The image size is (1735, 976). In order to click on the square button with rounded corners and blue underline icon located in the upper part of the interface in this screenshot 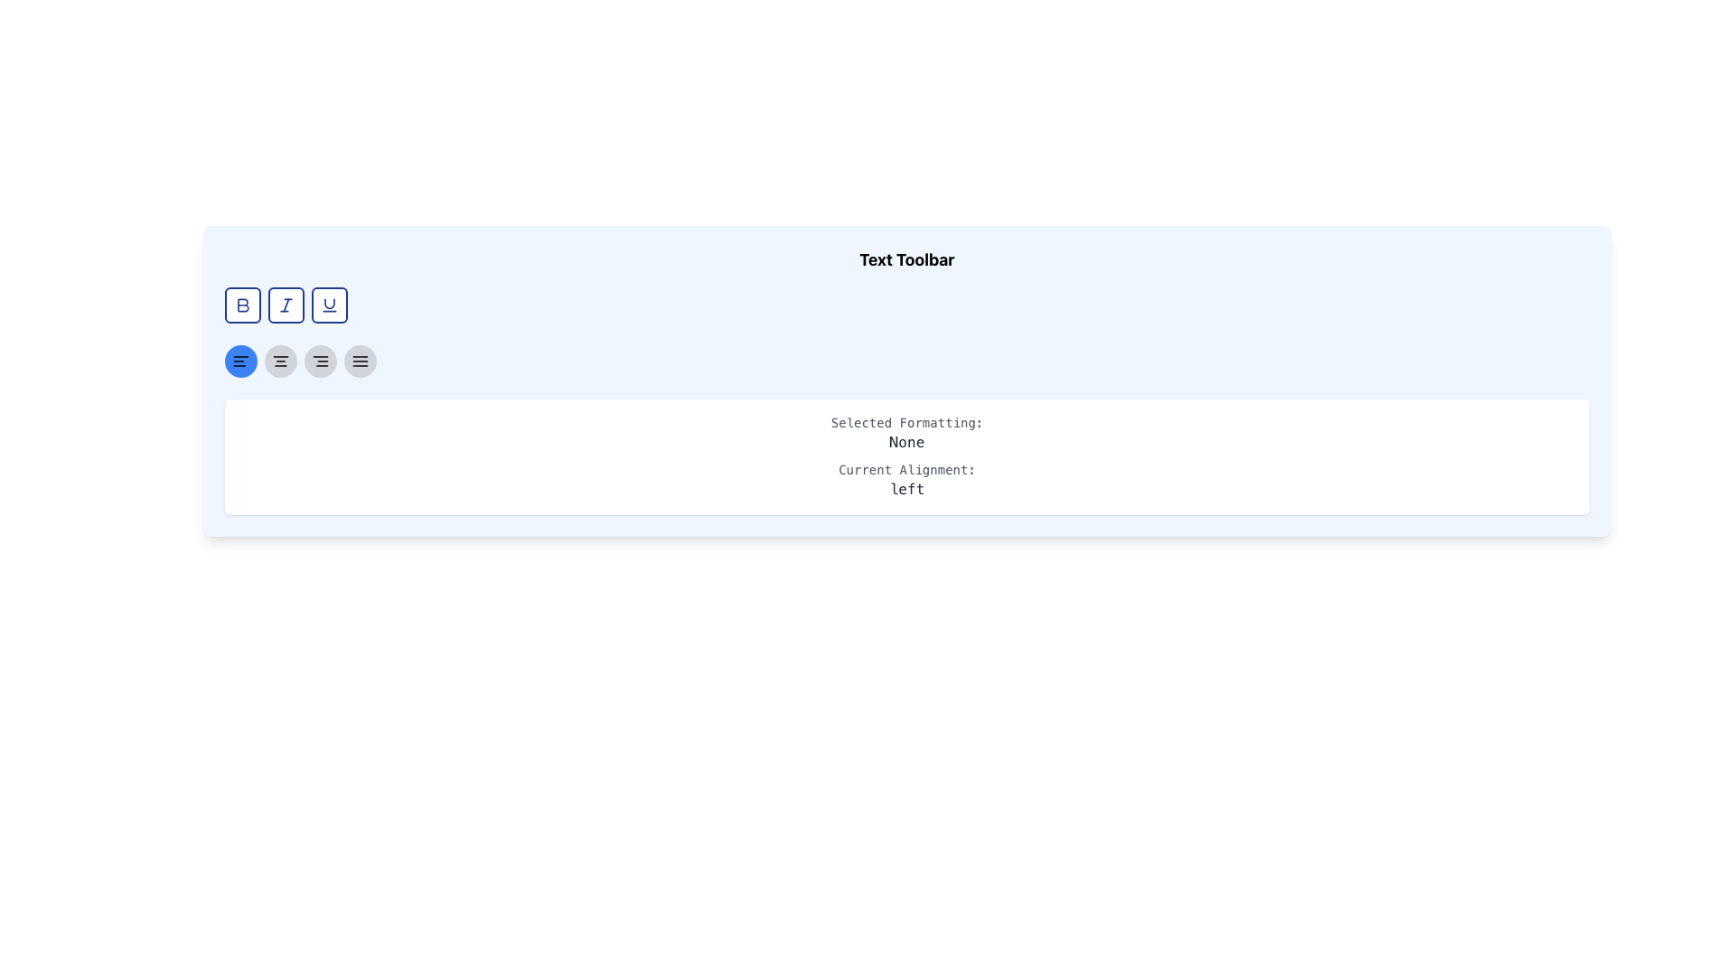, I will do `click(329, 305)`.